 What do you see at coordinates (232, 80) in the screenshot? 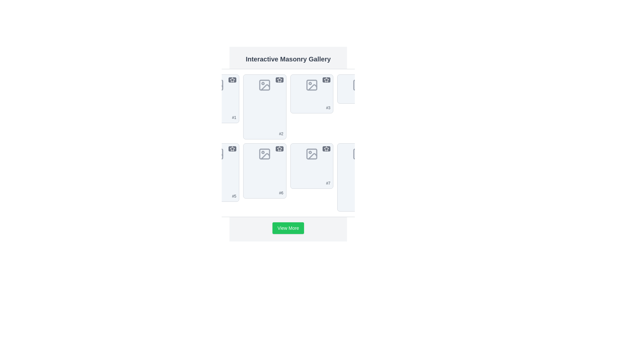
I see `the interactive button located in the top-right corner of the first card in the grid layout` at bounding box center [232, 80].